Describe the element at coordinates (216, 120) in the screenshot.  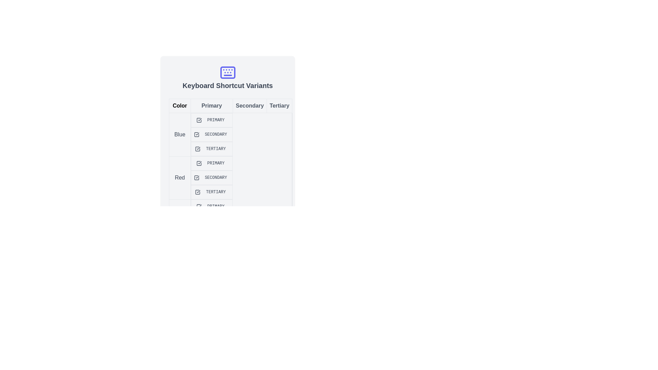
I see `the 'Primary' label located in the first row of the table, which visually indicates its category or designation` at that location.